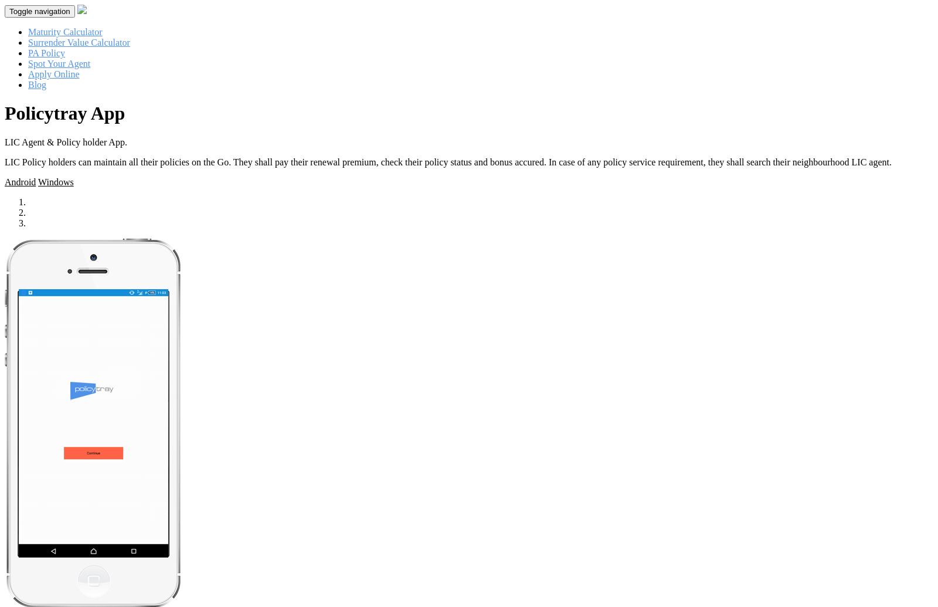  I want to click on 'Policytray App', so click(64, 113).